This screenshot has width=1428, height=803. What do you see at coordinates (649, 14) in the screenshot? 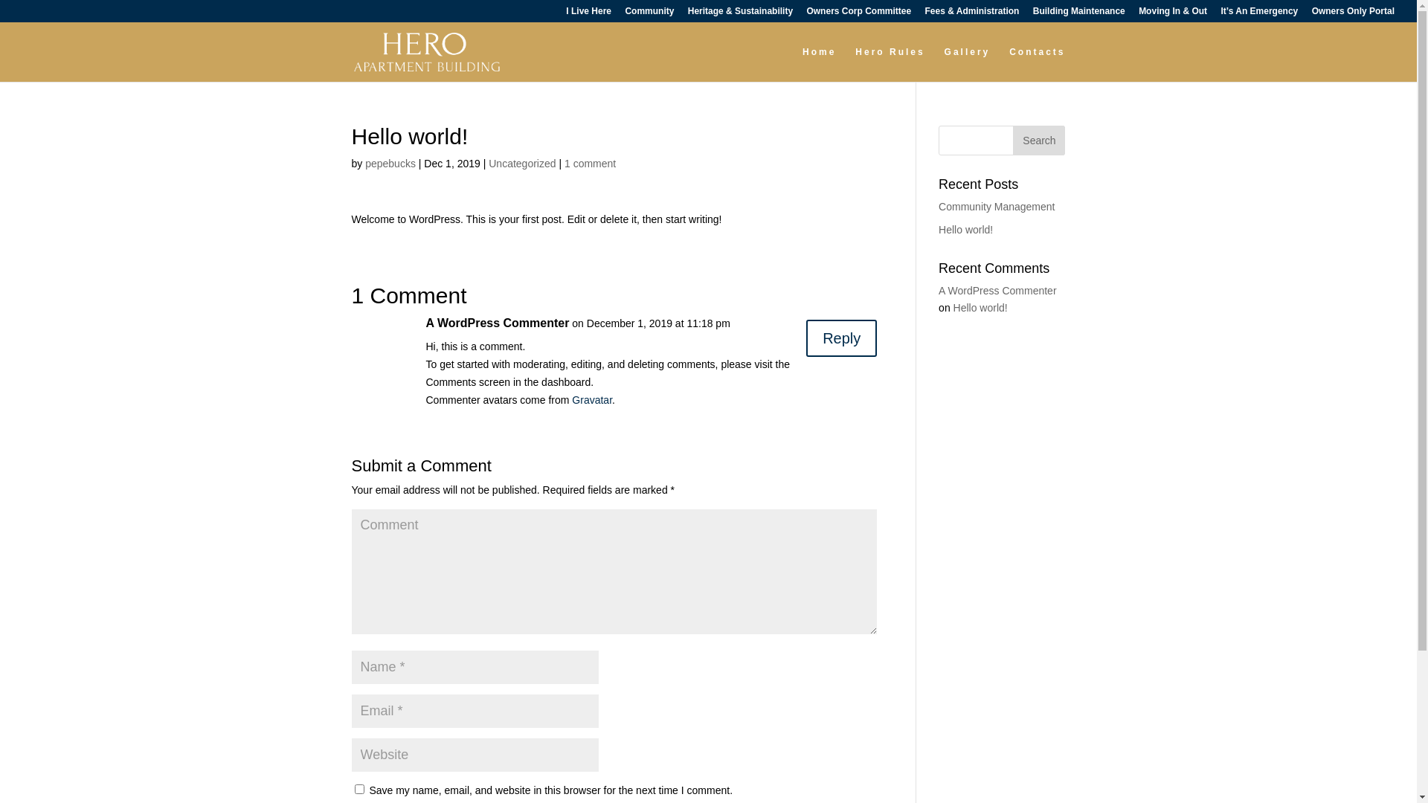
I see `'Community'` at bounding box center [649, 14].